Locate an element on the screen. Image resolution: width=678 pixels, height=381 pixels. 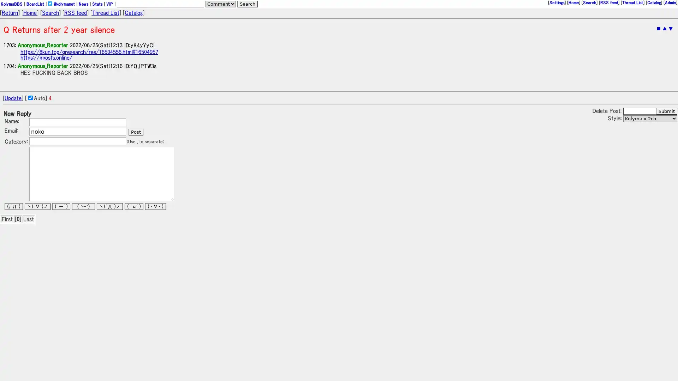
Post is located at coordinates (136, 132).